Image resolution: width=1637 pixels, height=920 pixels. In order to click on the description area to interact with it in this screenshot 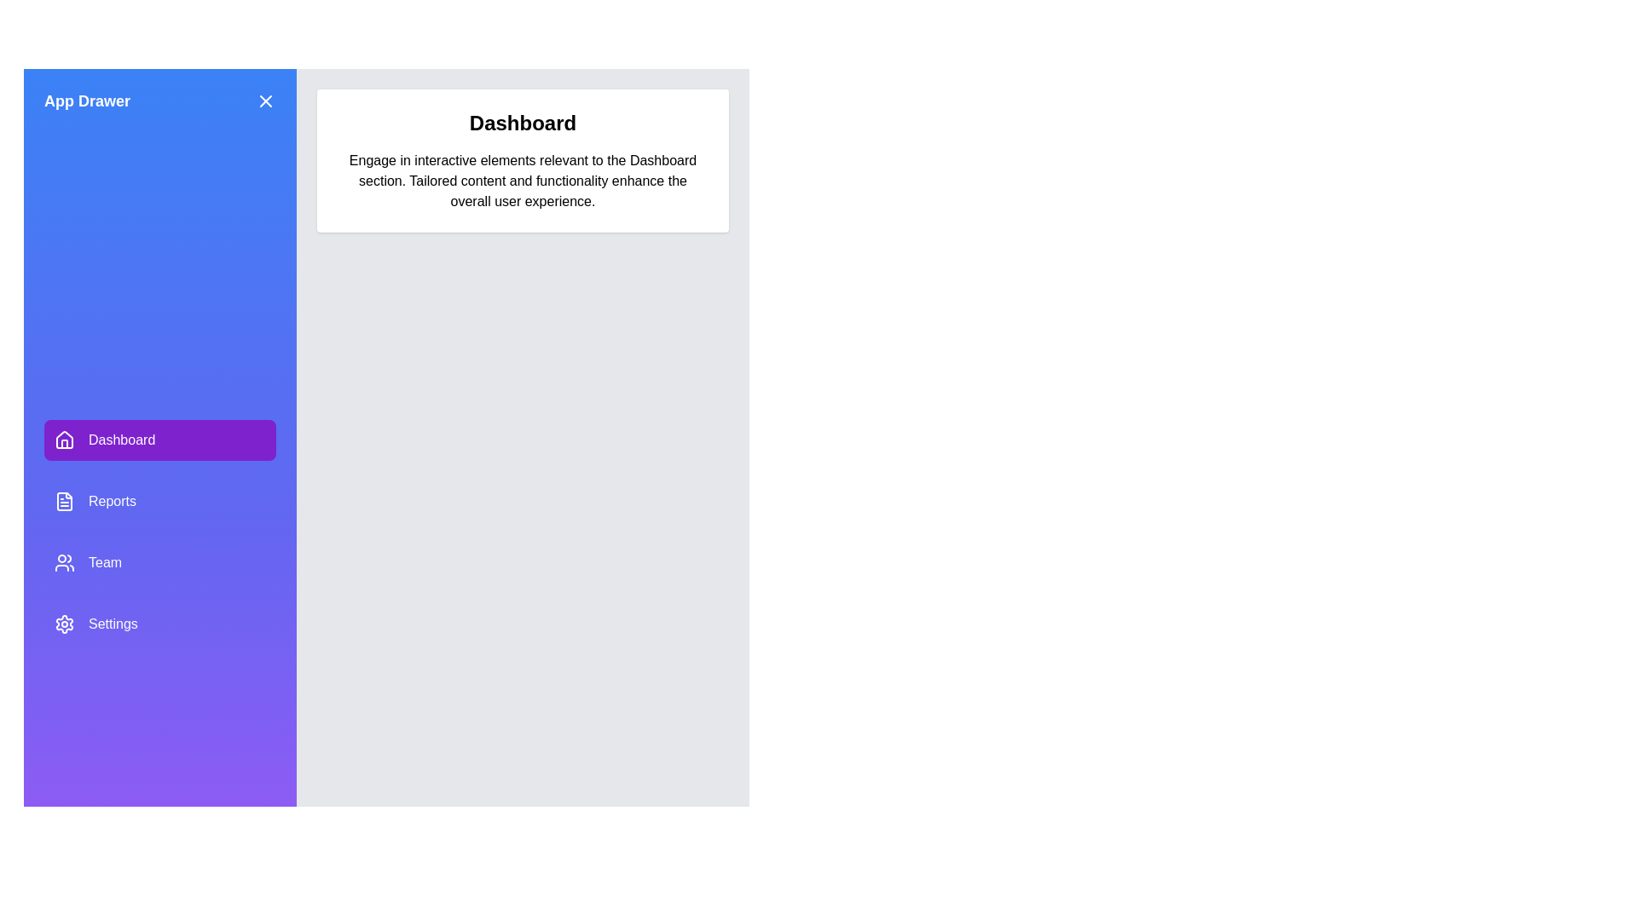, I will do `click(522, 181)`.